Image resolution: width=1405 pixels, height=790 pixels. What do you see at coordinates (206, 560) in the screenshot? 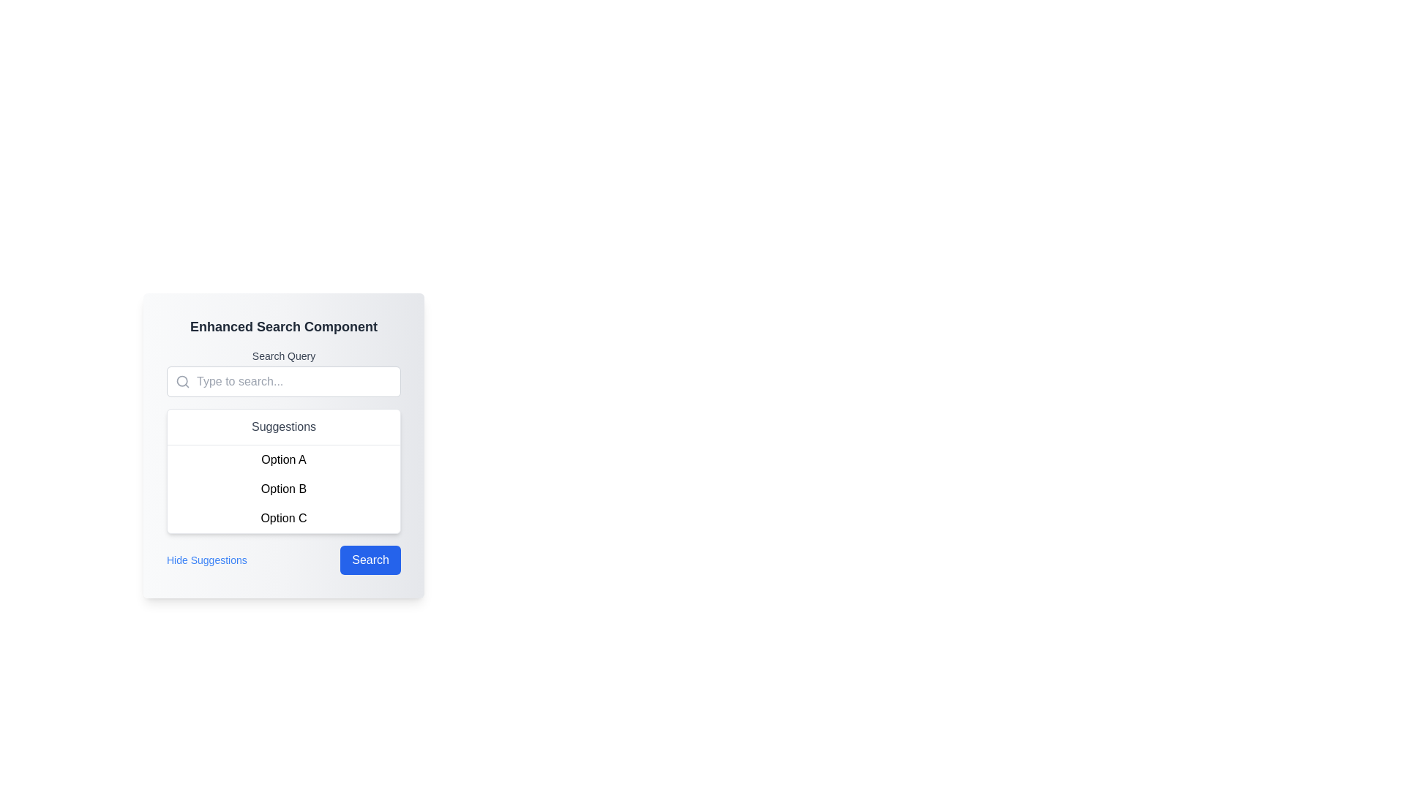
I see `the 'Hide Suggestions' button, which is styled with blue text and changes appearance when hovered, located on the left side of the horizontal layout below the 'Suggestions' section` at bounding box center [206, 560].